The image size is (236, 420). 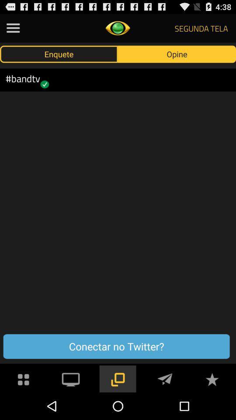 I want to click on opine, so click(x=177, y=53).